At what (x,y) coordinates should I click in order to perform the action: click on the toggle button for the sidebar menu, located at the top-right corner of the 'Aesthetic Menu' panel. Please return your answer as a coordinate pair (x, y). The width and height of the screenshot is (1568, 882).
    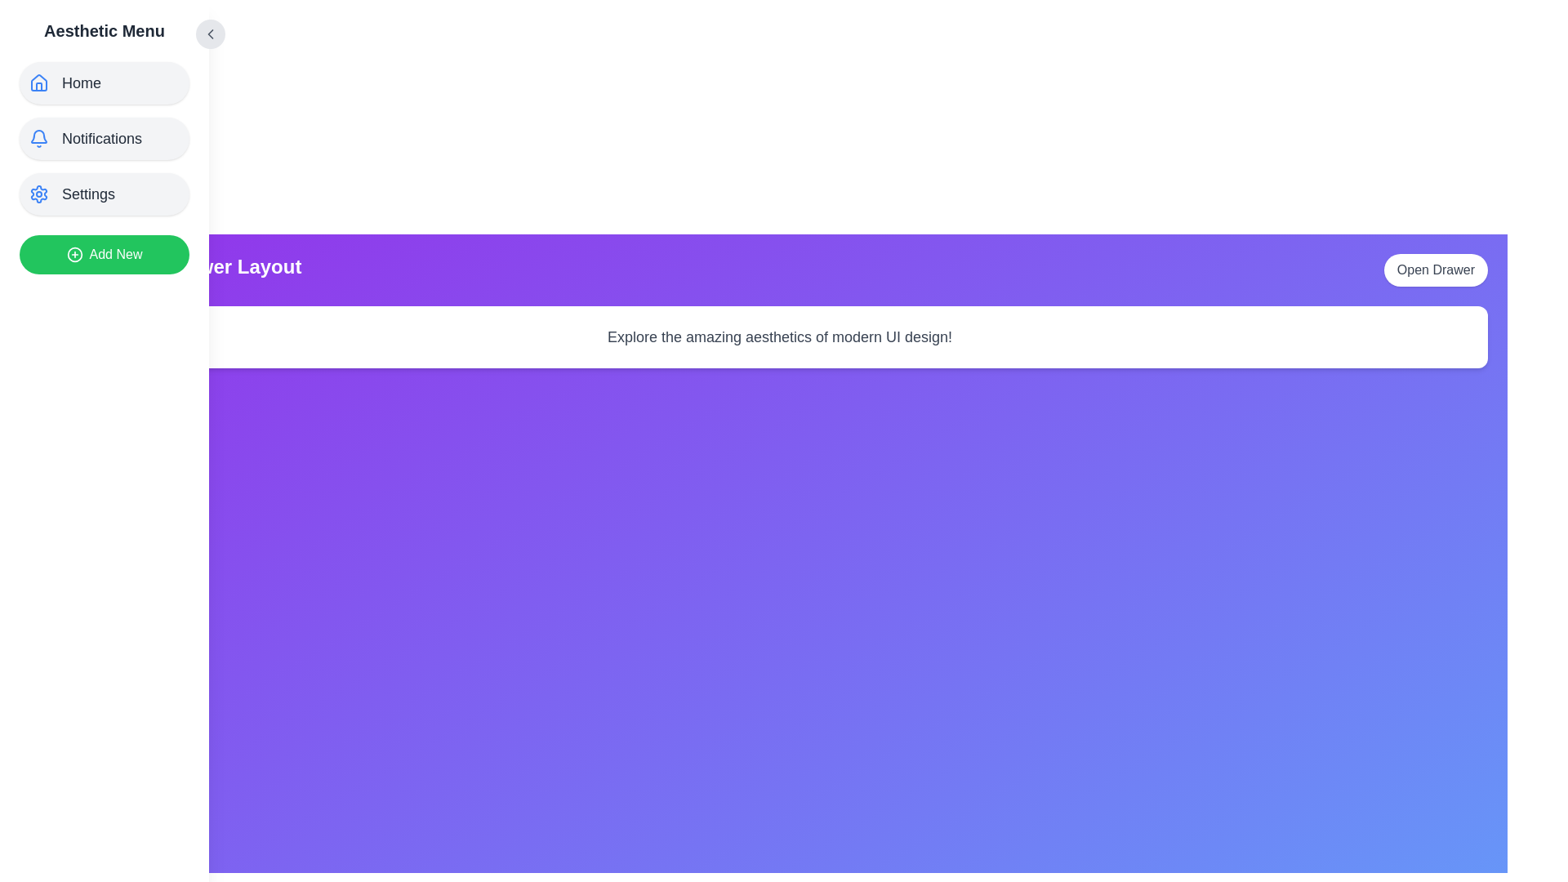
    Looking at the image, I should click on (210, 34).